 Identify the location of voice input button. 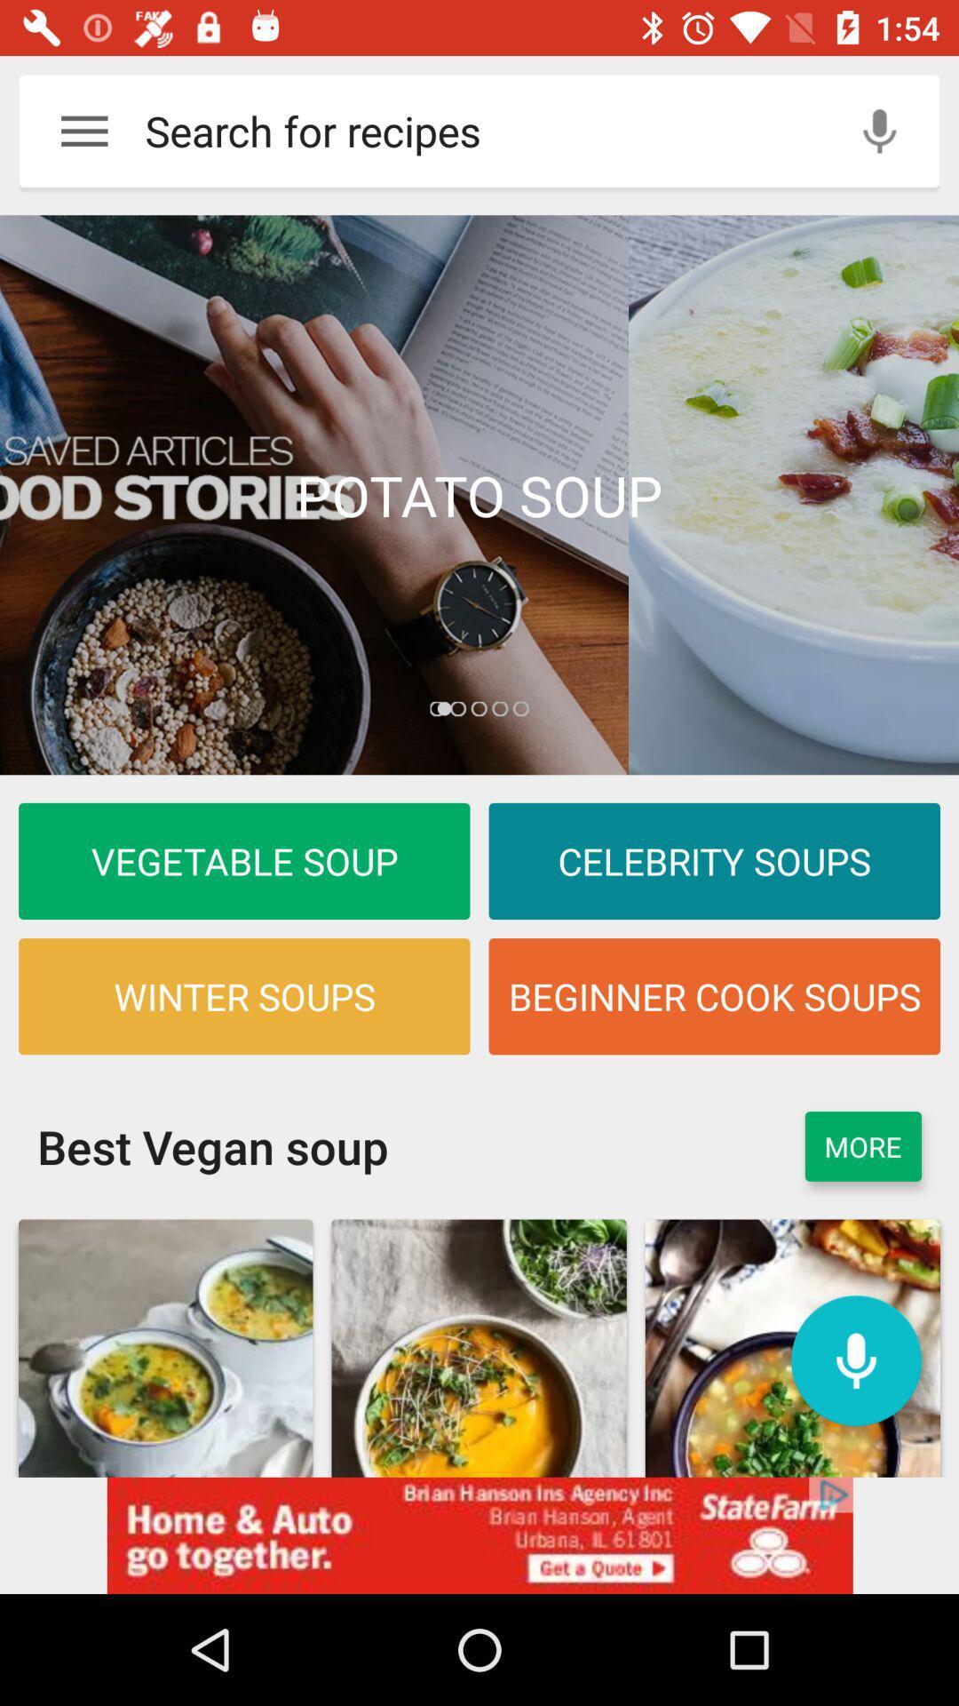
(879, 130).